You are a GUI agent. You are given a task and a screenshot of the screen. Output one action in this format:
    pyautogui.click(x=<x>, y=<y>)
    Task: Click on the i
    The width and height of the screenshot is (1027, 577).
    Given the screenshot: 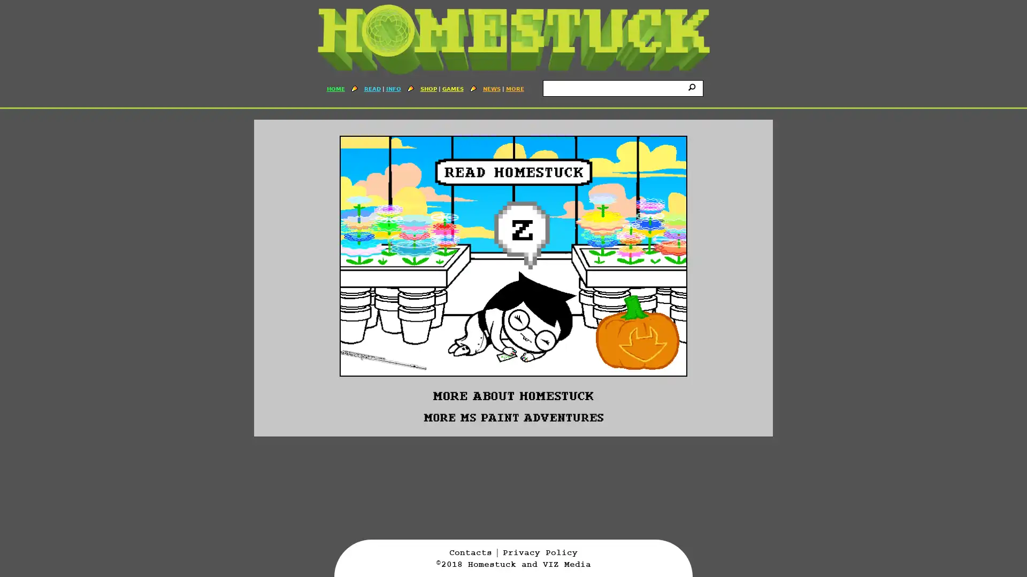 What is the action you would take?
    pyautogui.click(x=693, y=86)
    